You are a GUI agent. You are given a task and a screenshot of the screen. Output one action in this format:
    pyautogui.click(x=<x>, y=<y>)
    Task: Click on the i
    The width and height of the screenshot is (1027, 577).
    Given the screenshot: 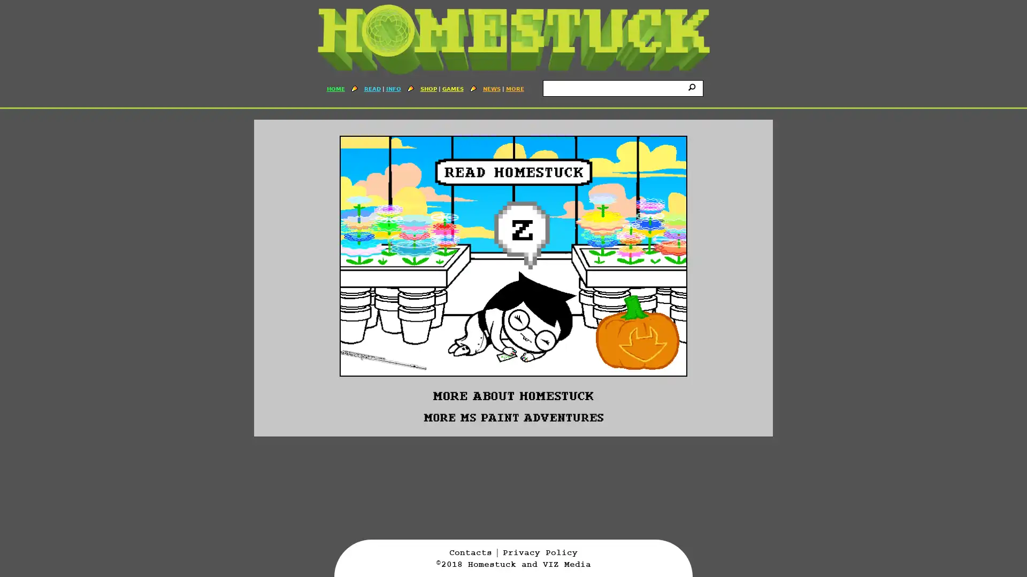 What is the action you would take?
    pyautogui.click(x=693, y=86)
    